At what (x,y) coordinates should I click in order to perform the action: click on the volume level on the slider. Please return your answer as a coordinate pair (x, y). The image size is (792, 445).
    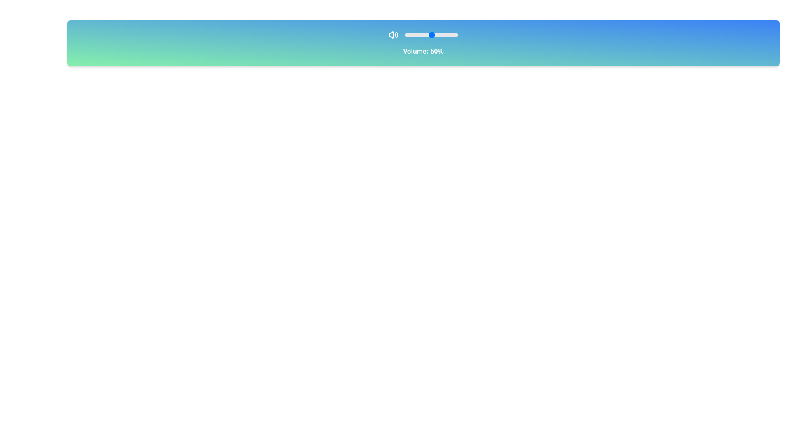
    Looking at the image, I should click on (415, 34).